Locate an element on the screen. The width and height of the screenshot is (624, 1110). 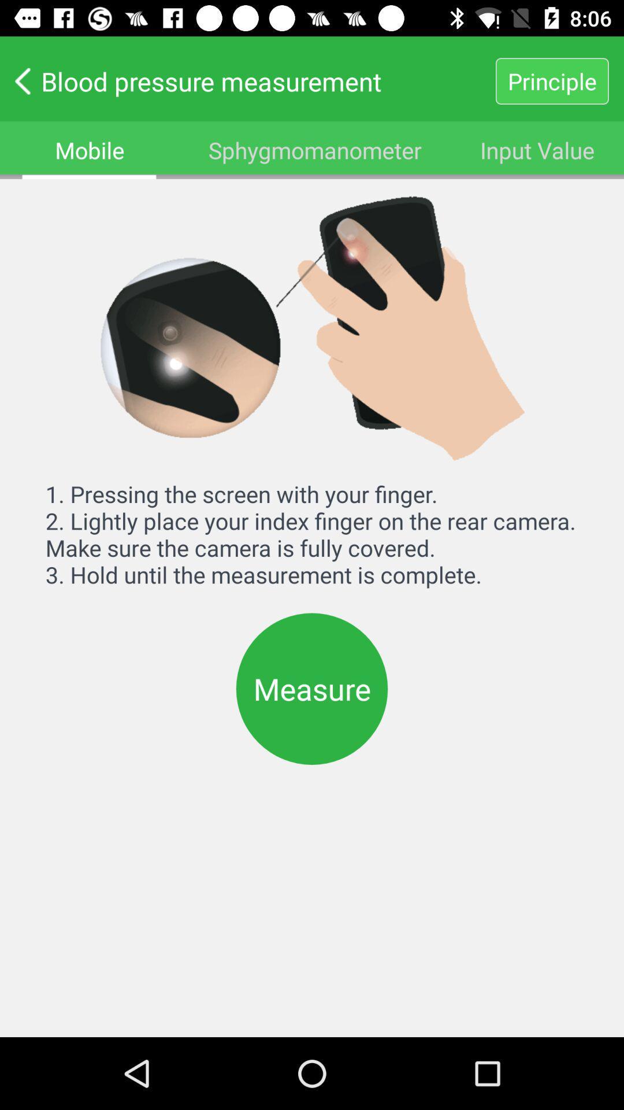
the icon below blood pressure measurement is located at coordinates (537, 149).